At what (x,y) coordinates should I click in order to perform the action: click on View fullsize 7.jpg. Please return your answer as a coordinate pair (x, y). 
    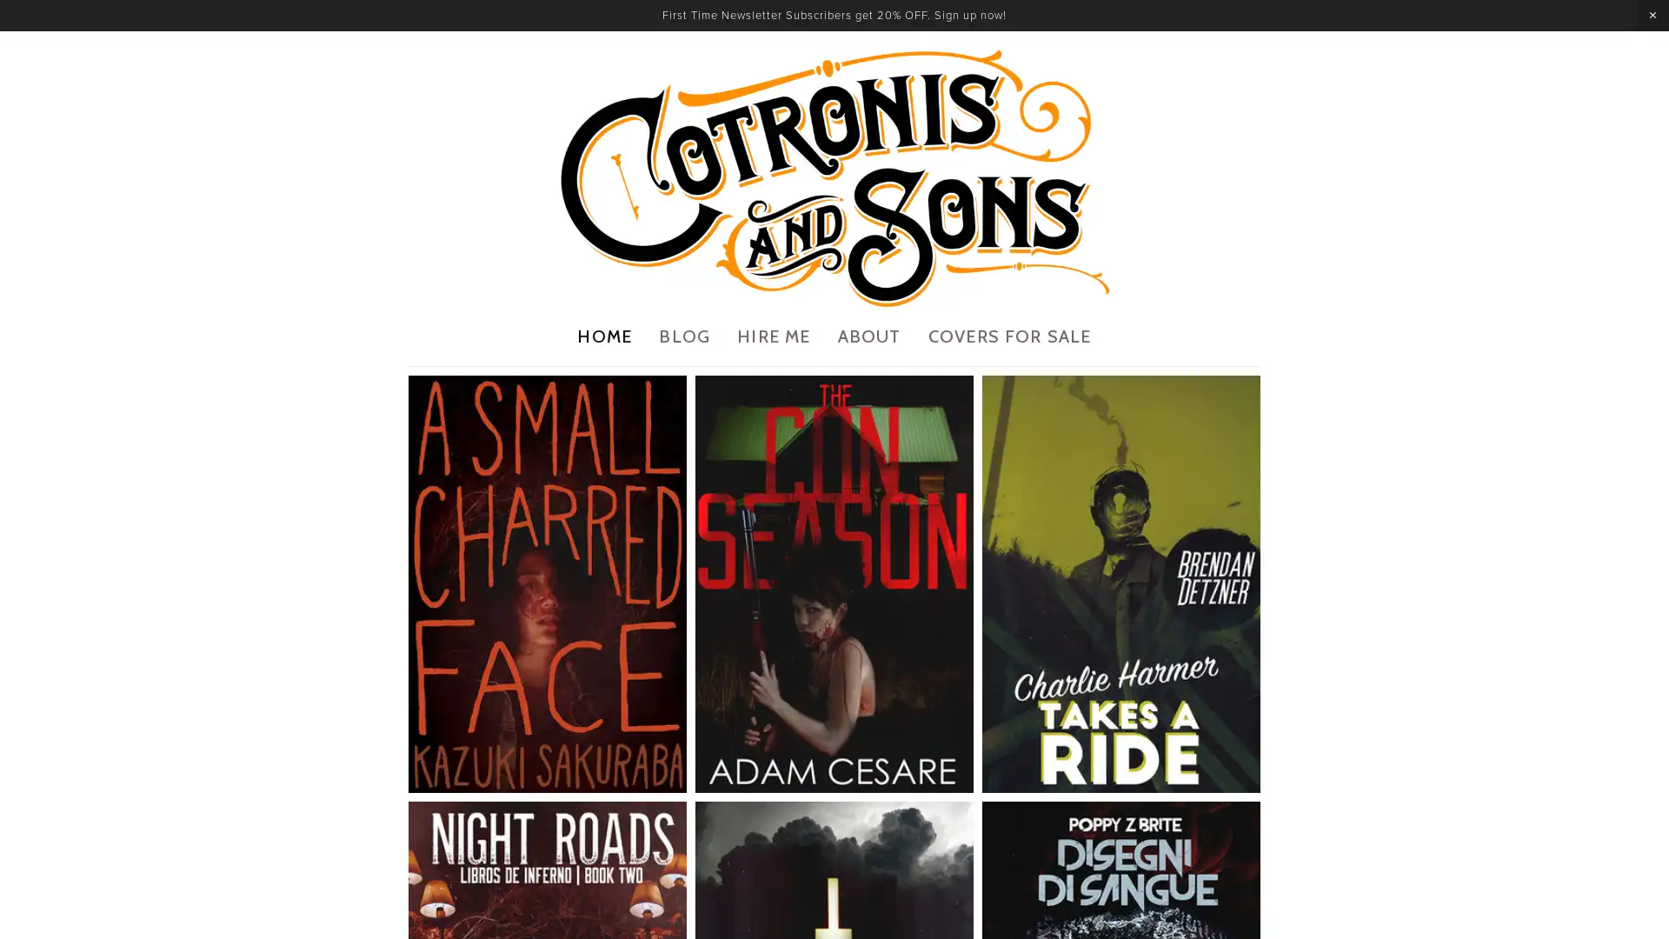
    Looking at the image, I should click on (1121, 583).